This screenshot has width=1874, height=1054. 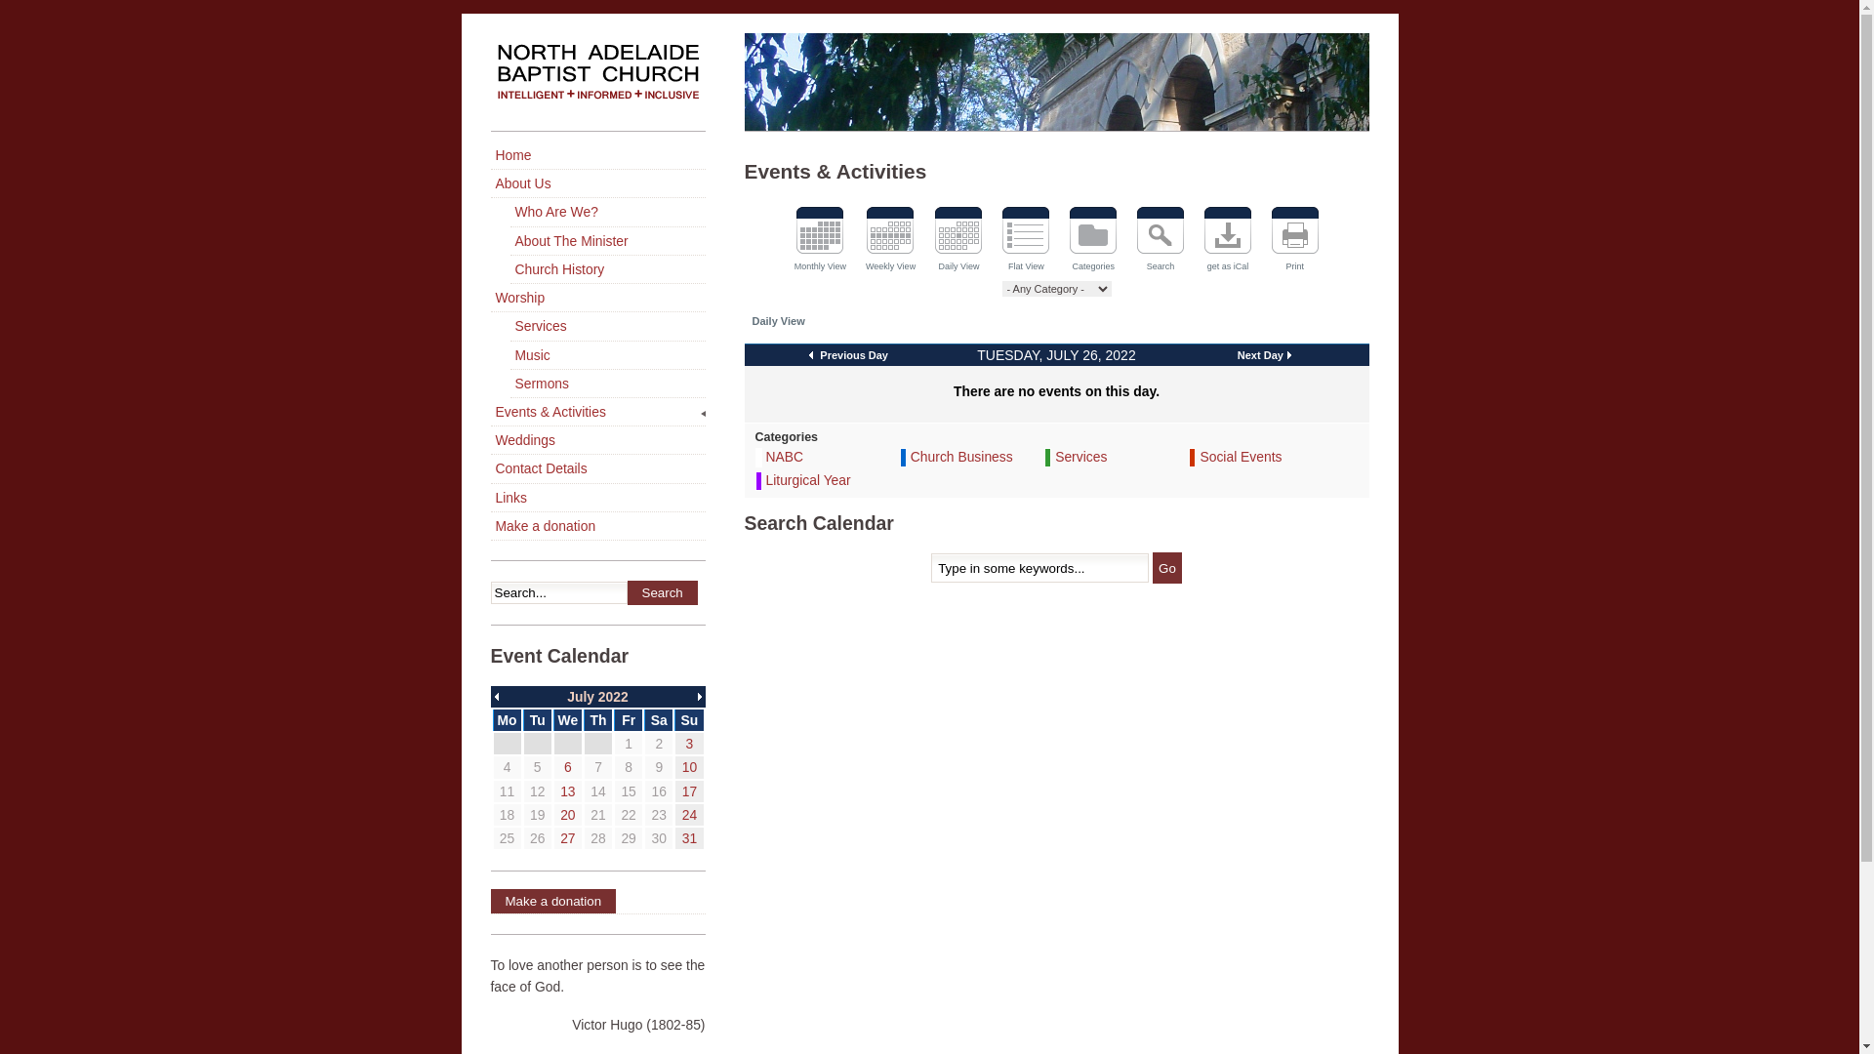 What do you see at coordinates (1226, 240) in the screenshot?
I see `'get as iCal'` at bounding box center [1226, 240].